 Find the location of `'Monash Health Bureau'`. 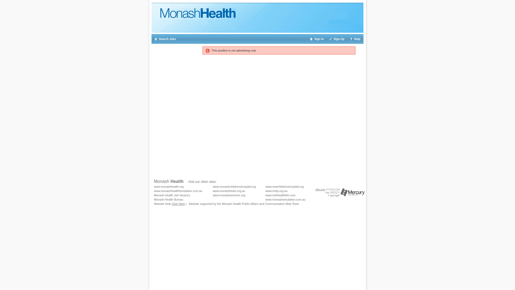

'Monash Health Bureau' is located at coordinates (168, 200).